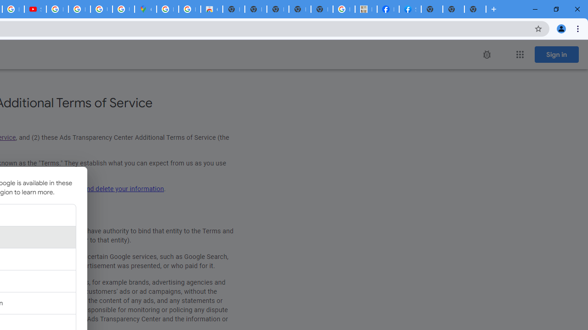  What do you see at coordinates (57, 9) in the screenshot?
I see `'How Chrome protects your passwords - Google Chrome Help'` at bounding box center [57, 9].